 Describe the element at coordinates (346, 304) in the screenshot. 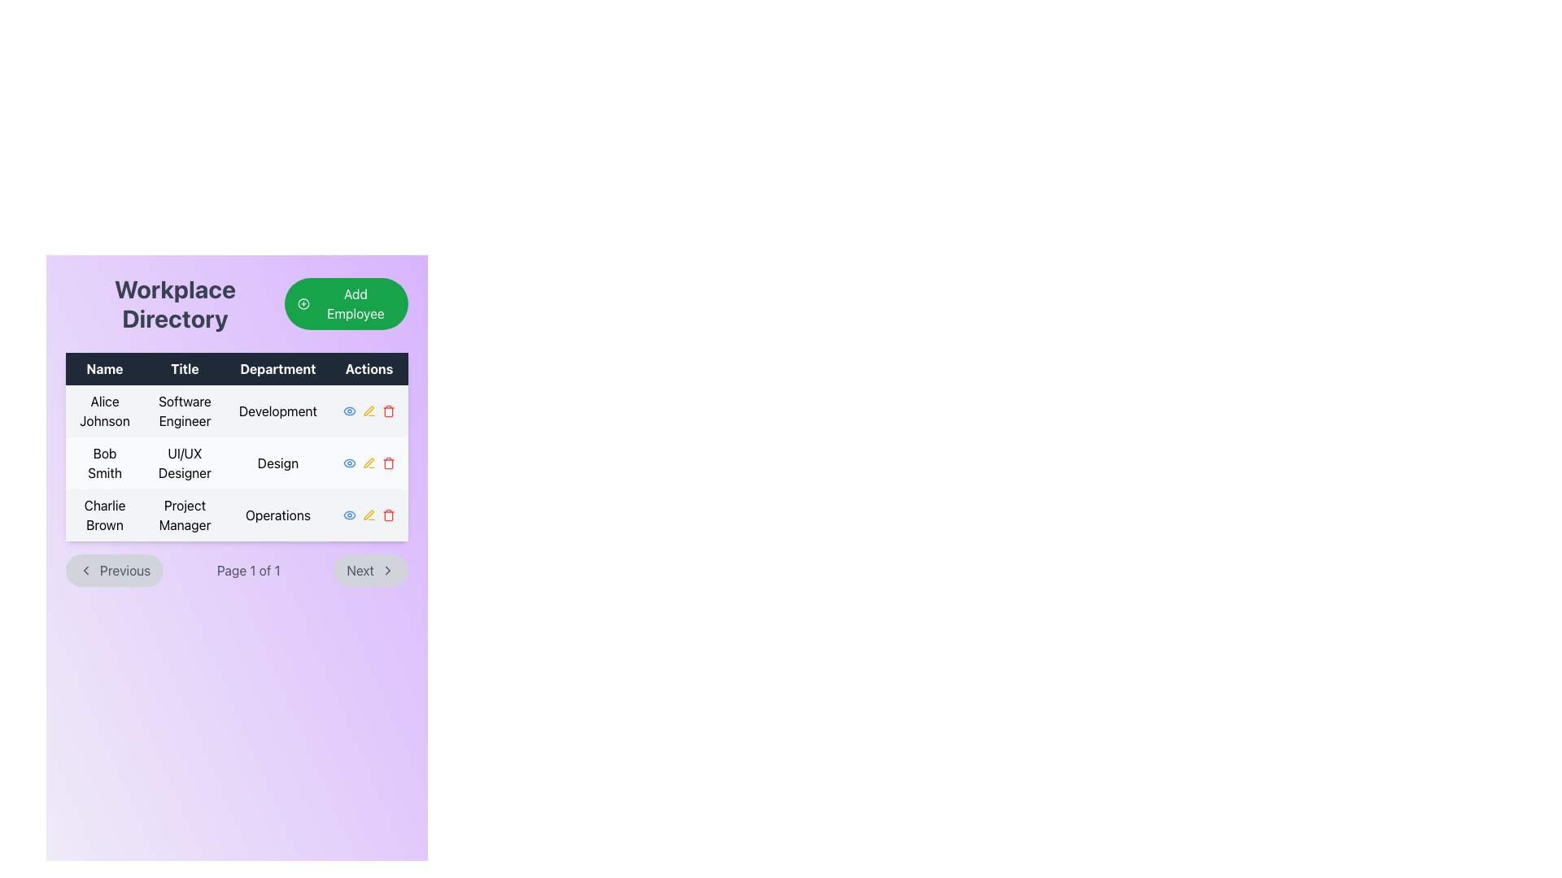

I see `the button in the top-right corner of the purple interface section to initiate adding a new employee to the directory` at that location.